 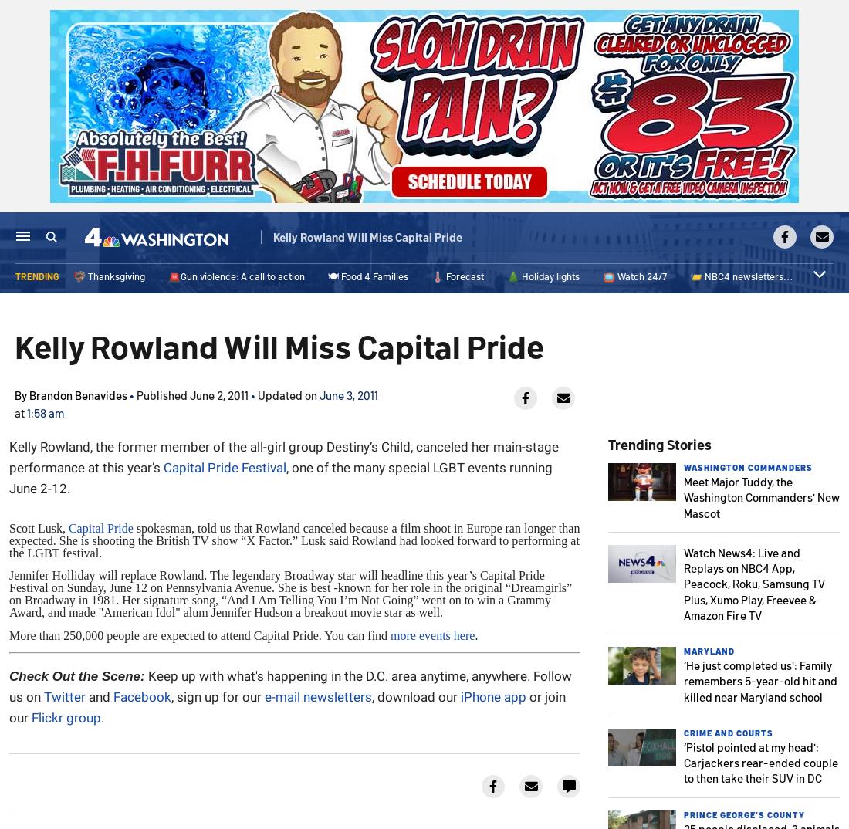 I want to click on '🚨Gun violence: A call to action', so click(x=235, y=276).